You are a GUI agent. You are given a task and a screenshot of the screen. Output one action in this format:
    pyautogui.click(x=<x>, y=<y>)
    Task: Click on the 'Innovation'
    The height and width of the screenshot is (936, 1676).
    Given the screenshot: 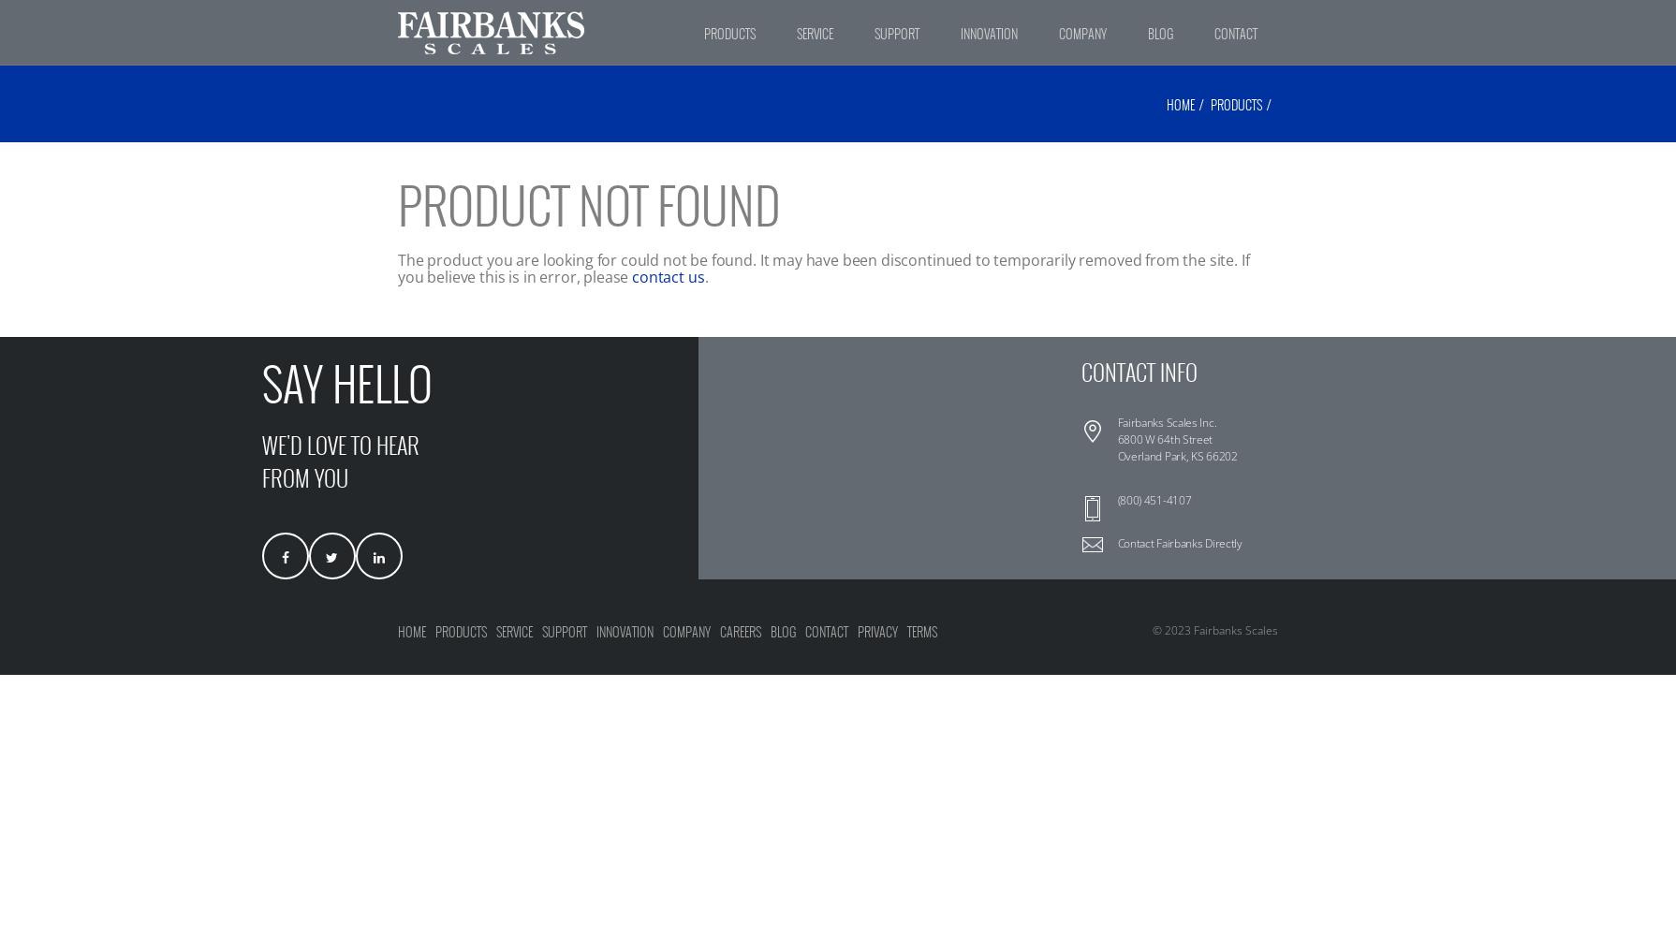 What is the action you would take?
    pyautogui.click(x=624, y=632)
    